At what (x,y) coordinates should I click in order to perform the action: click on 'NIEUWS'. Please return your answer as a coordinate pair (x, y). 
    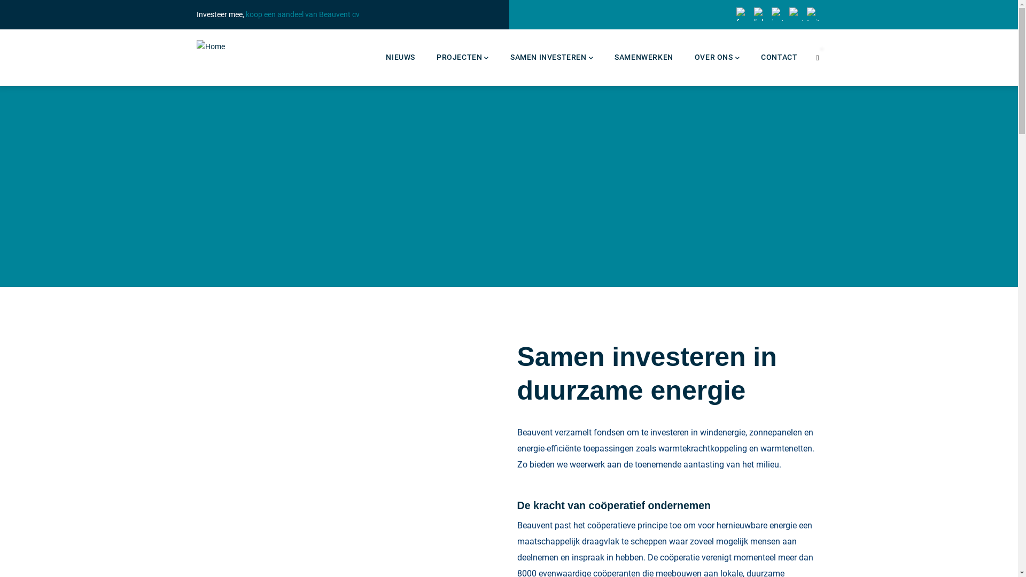
    Looking at the image, I should click on (400, 57).